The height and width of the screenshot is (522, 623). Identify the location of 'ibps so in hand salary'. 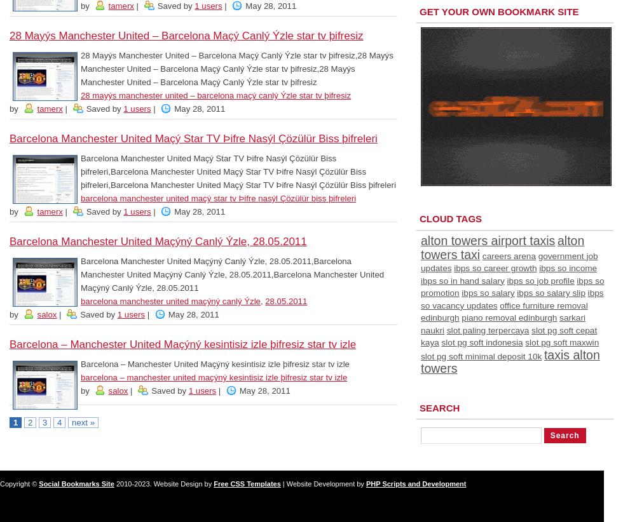
(462, 279).